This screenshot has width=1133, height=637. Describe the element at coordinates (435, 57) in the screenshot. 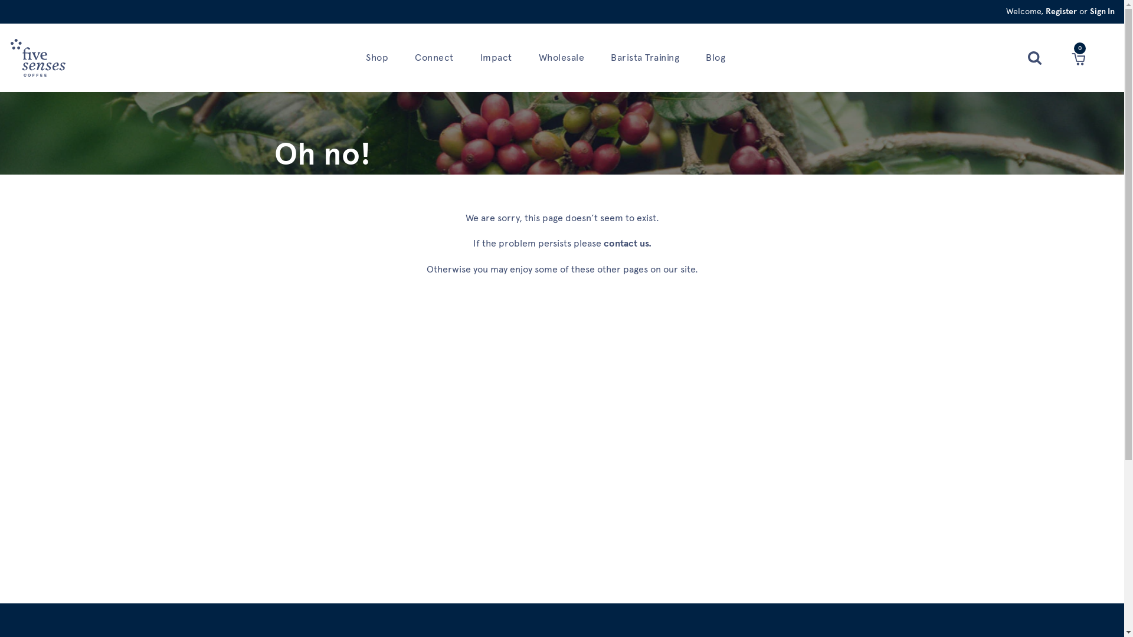

I see `'Connect'` at that location.